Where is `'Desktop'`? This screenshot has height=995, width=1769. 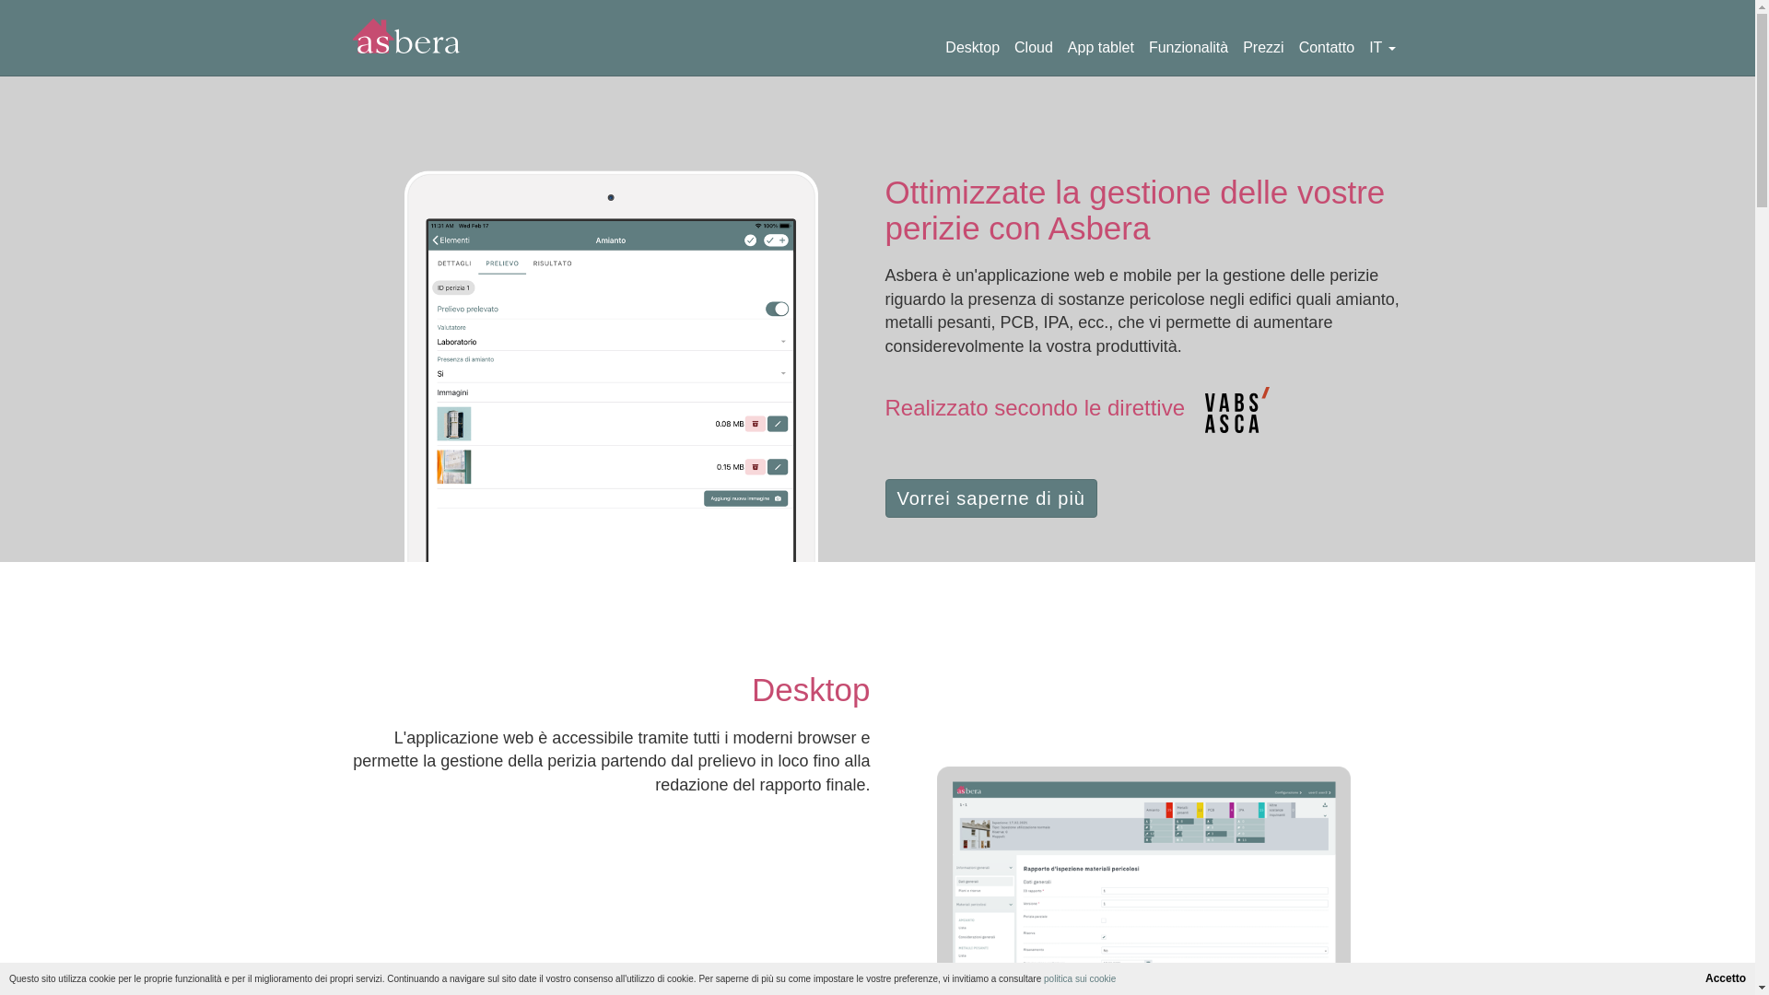 'Desktop' is located at coordinates (971, 41).